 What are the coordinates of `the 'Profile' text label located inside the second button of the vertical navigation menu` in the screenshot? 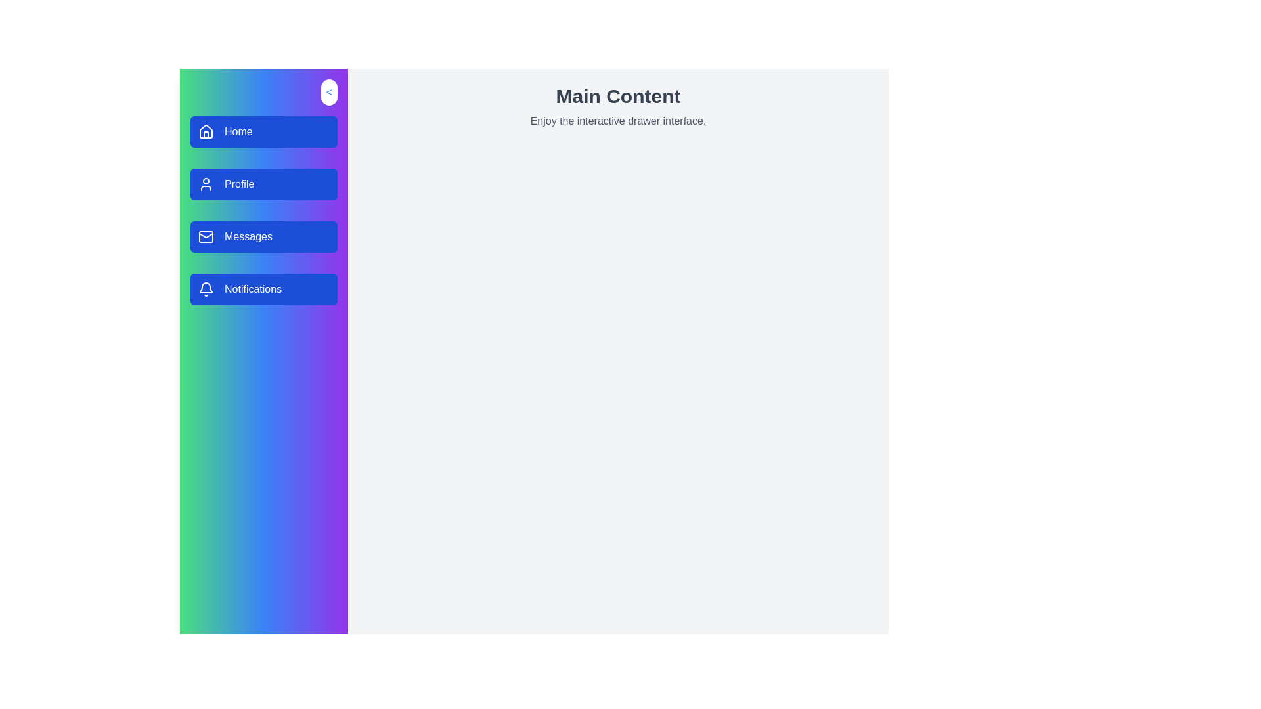 It's located at (239, 184).